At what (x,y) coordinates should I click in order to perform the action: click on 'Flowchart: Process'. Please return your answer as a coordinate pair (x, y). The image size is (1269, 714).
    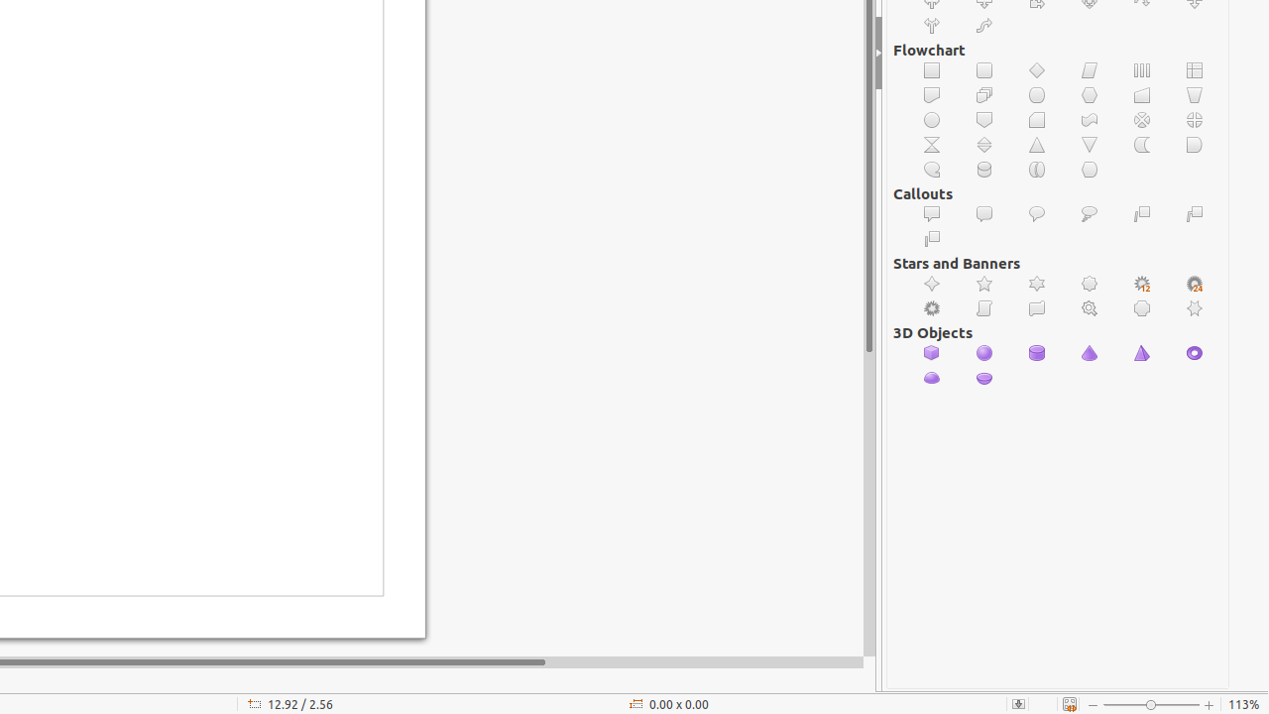
    Looking at the image, I should click on (931, 69).